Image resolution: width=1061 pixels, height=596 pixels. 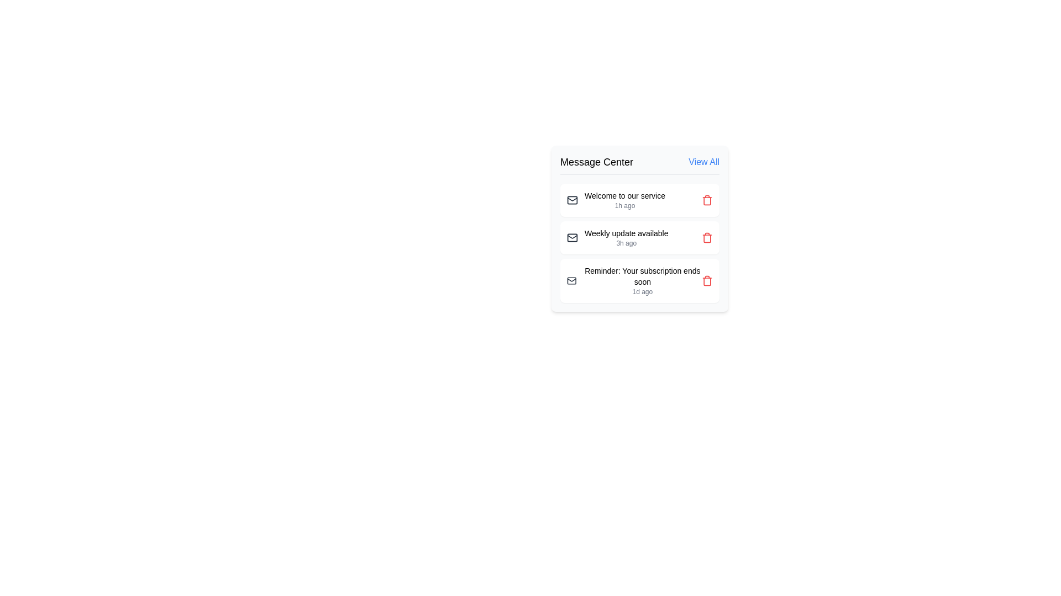 I want to click on the notification item with the bold text 'Reminder: Your subscription ends soon' in the 'Message Center' panel, so click(x=639, y=280).